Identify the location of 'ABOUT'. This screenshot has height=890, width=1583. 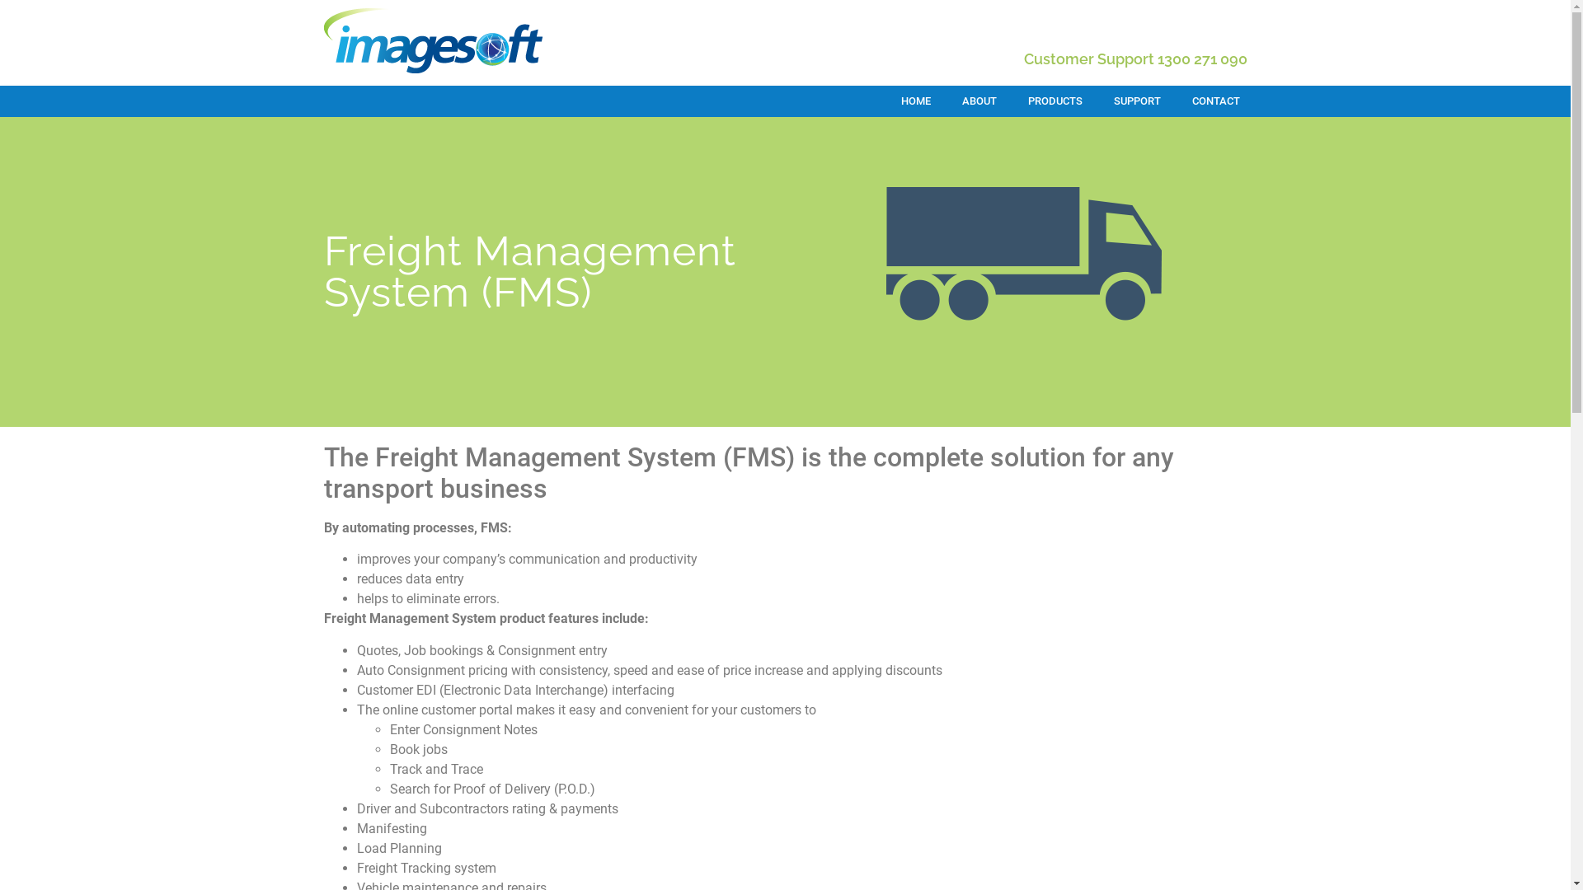
(979, 101).